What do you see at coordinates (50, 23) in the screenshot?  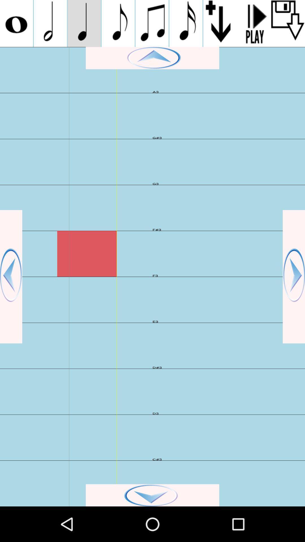 I see `half note` at bounding box center [50, 23].